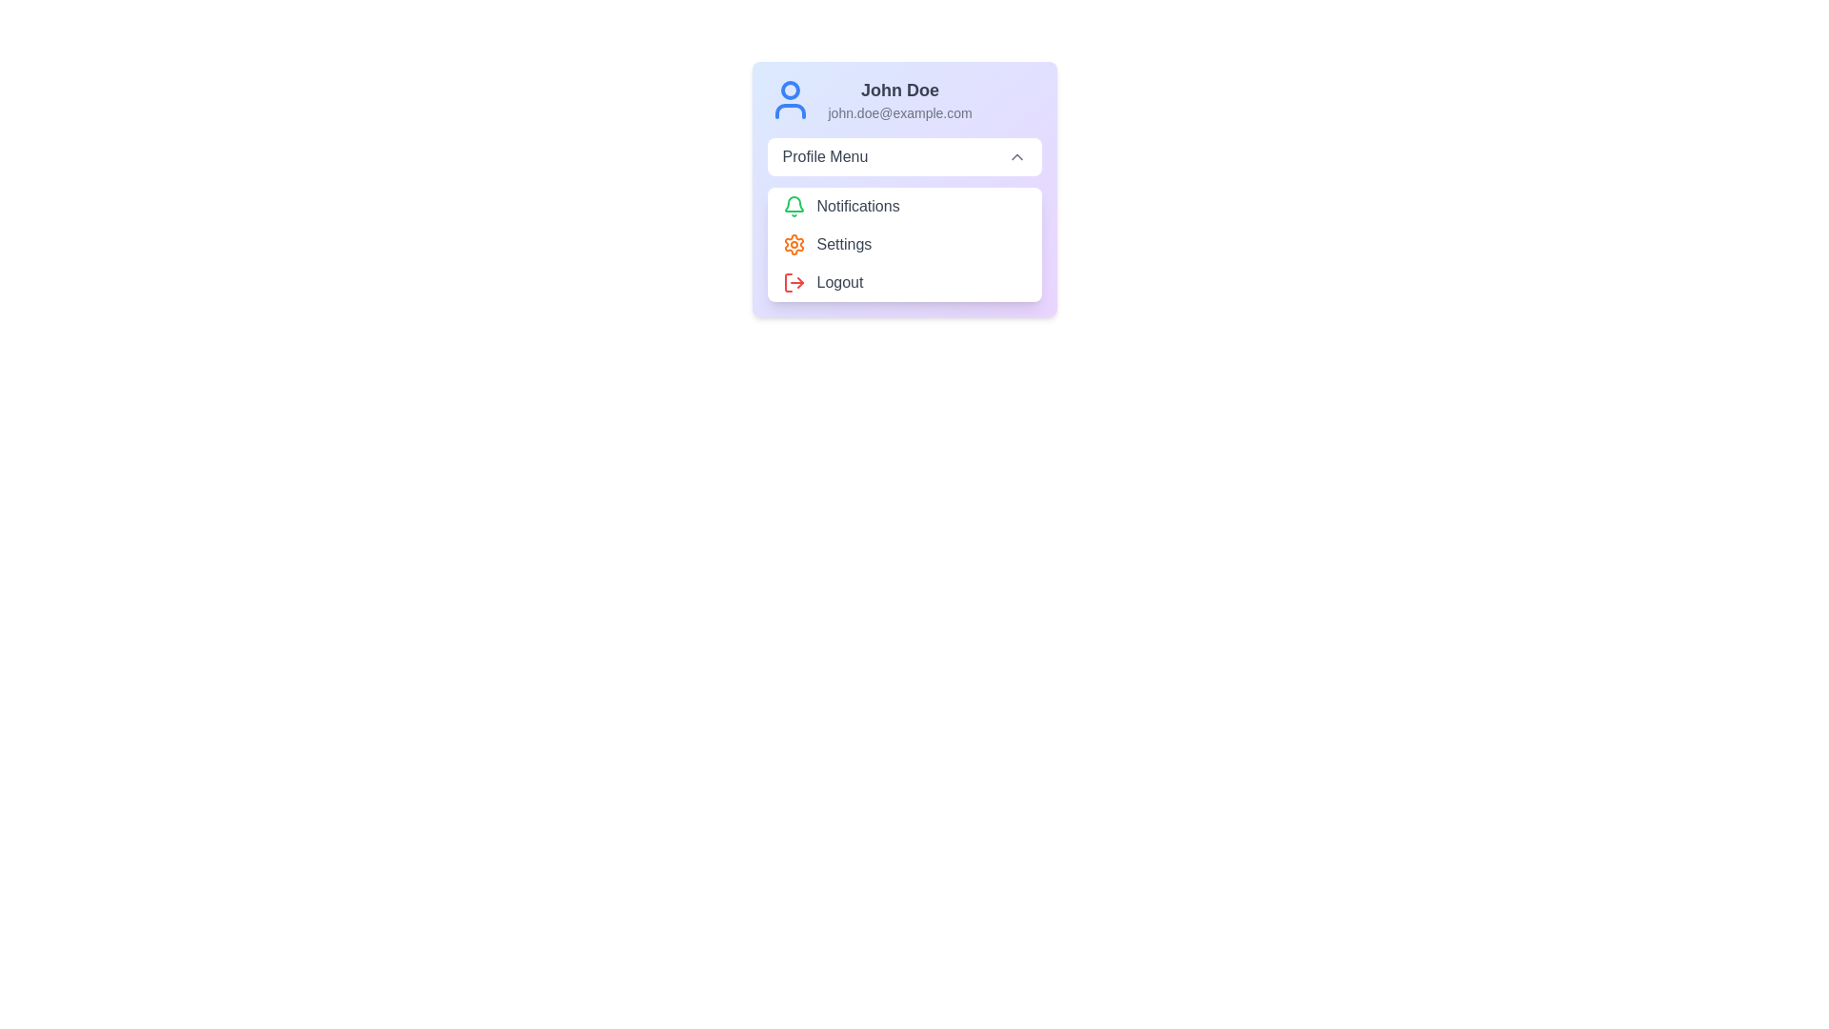 The width and height of the screenshot is (1829, 1029). I want to click on the 'Profile Menu' dropdown button on the composite menu component, so click(903, 190).